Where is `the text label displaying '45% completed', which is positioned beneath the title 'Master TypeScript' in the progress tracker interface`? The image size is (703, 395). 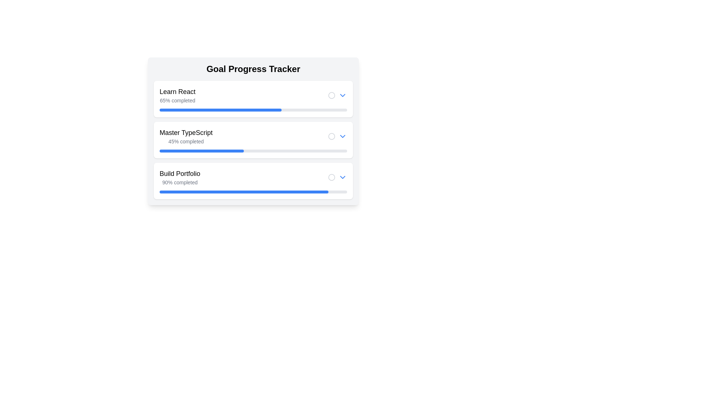 the text label displaying '45% completed', which is positioned beneath the title 'Master TypeScript' in the progress tracker interface is located at coordinates (186, 141).